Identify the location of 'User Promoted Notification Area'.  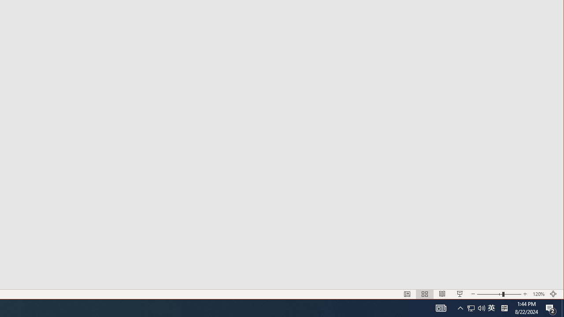
(475, 307).